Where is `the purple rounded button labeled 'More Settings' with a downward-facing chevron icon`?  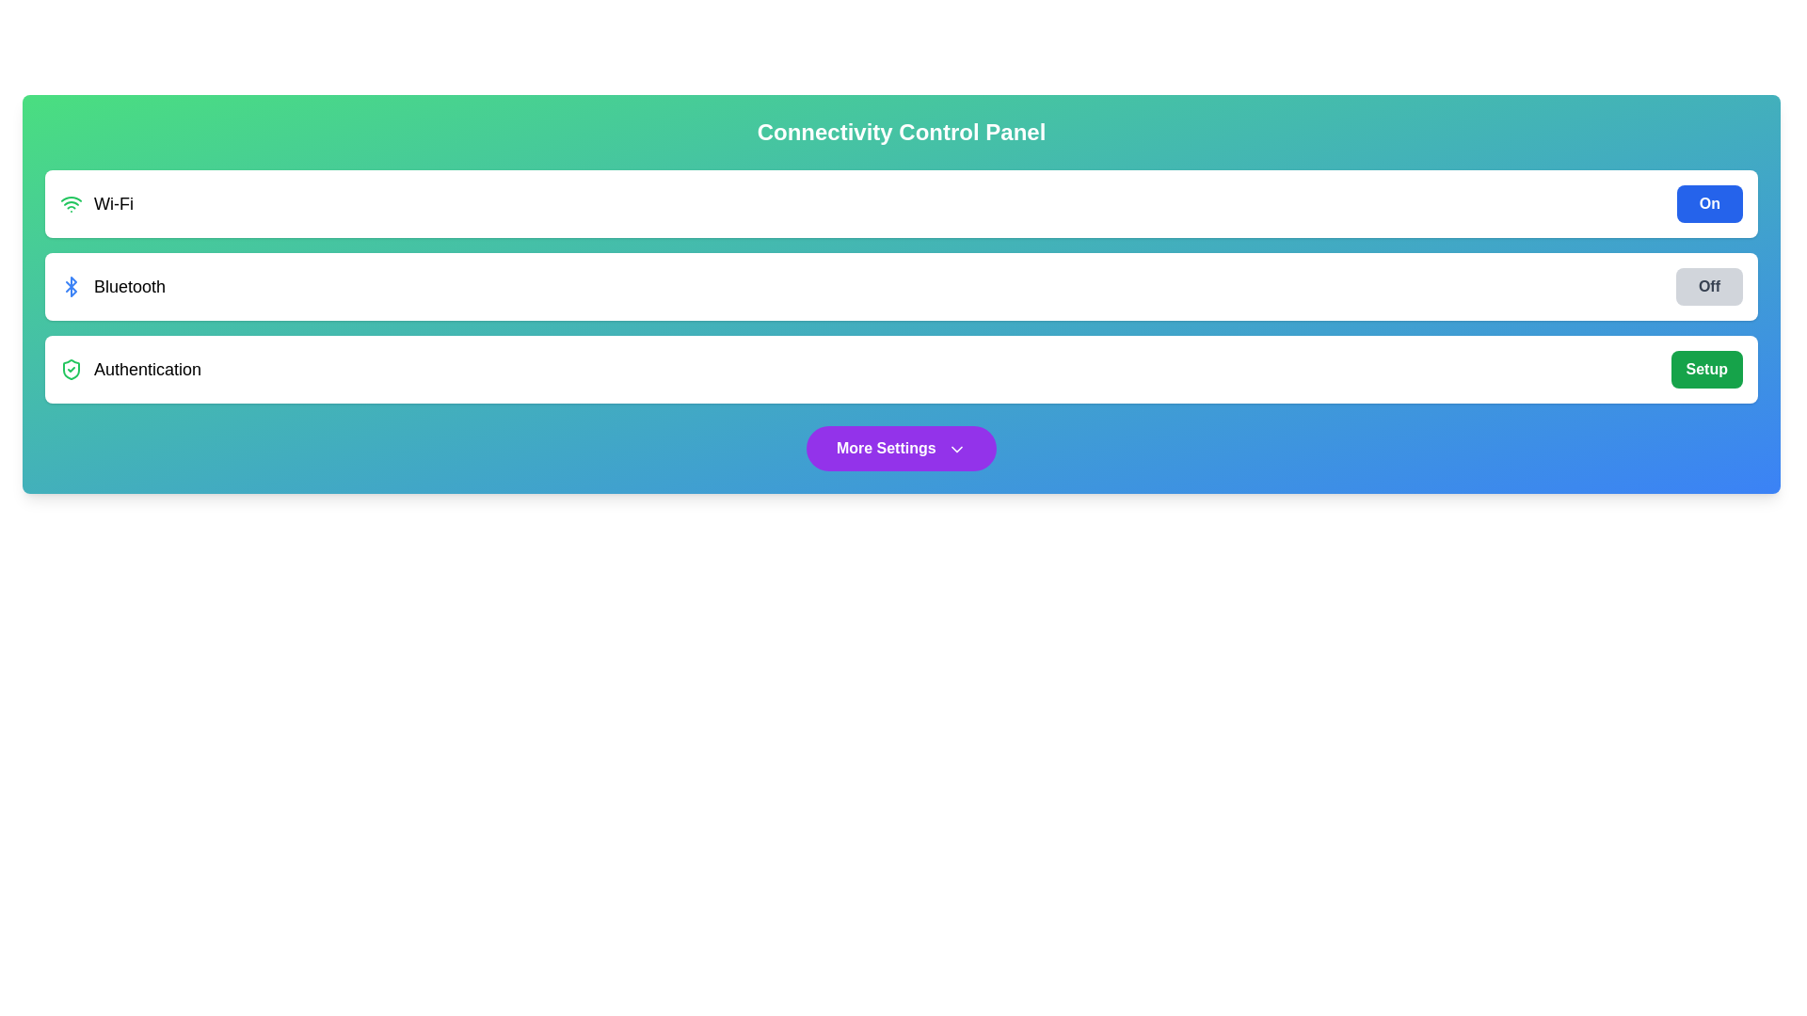 the purple rounded button labeled 'More Settings' with a downward-facing chevron icon is located at coordinates (901, 449).